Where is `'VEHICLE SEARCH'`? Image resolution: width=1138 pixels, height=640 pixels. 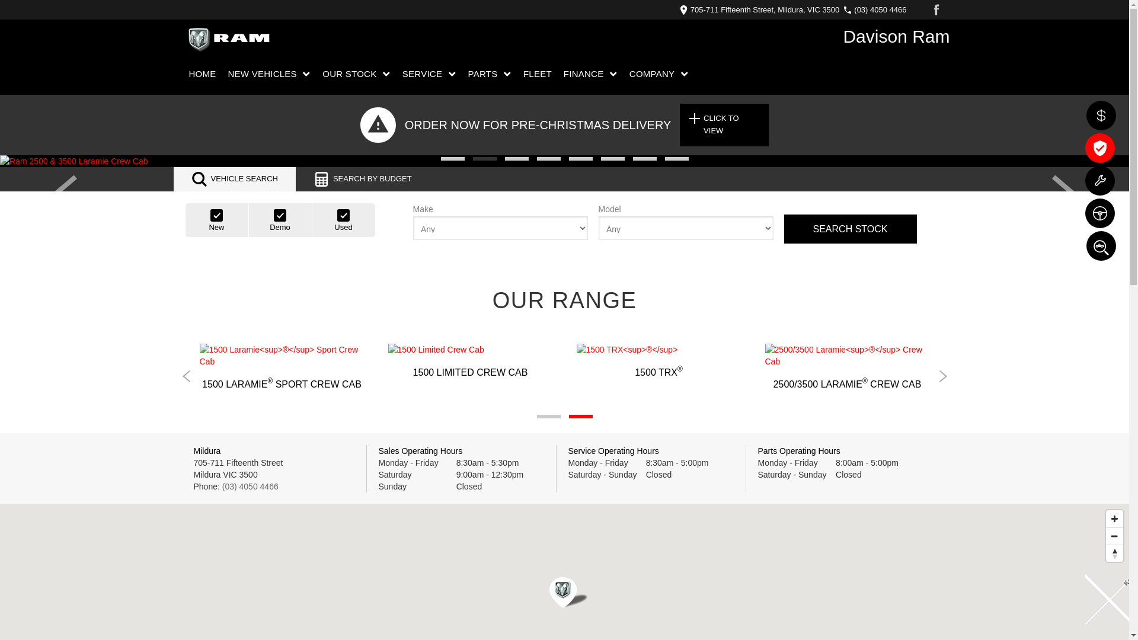
'VEHICLE SEARCH' is located at coordinates (234, 179).